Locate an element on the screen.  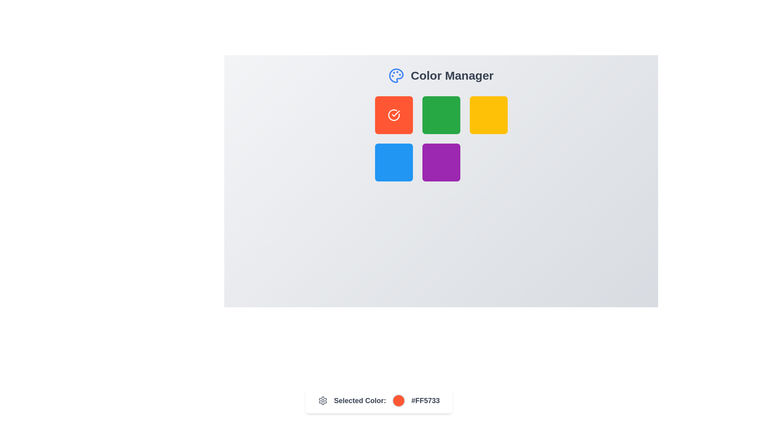
the Settings Cogwheel icon at the bottom left of the interface is located at coordinates (323, 400).